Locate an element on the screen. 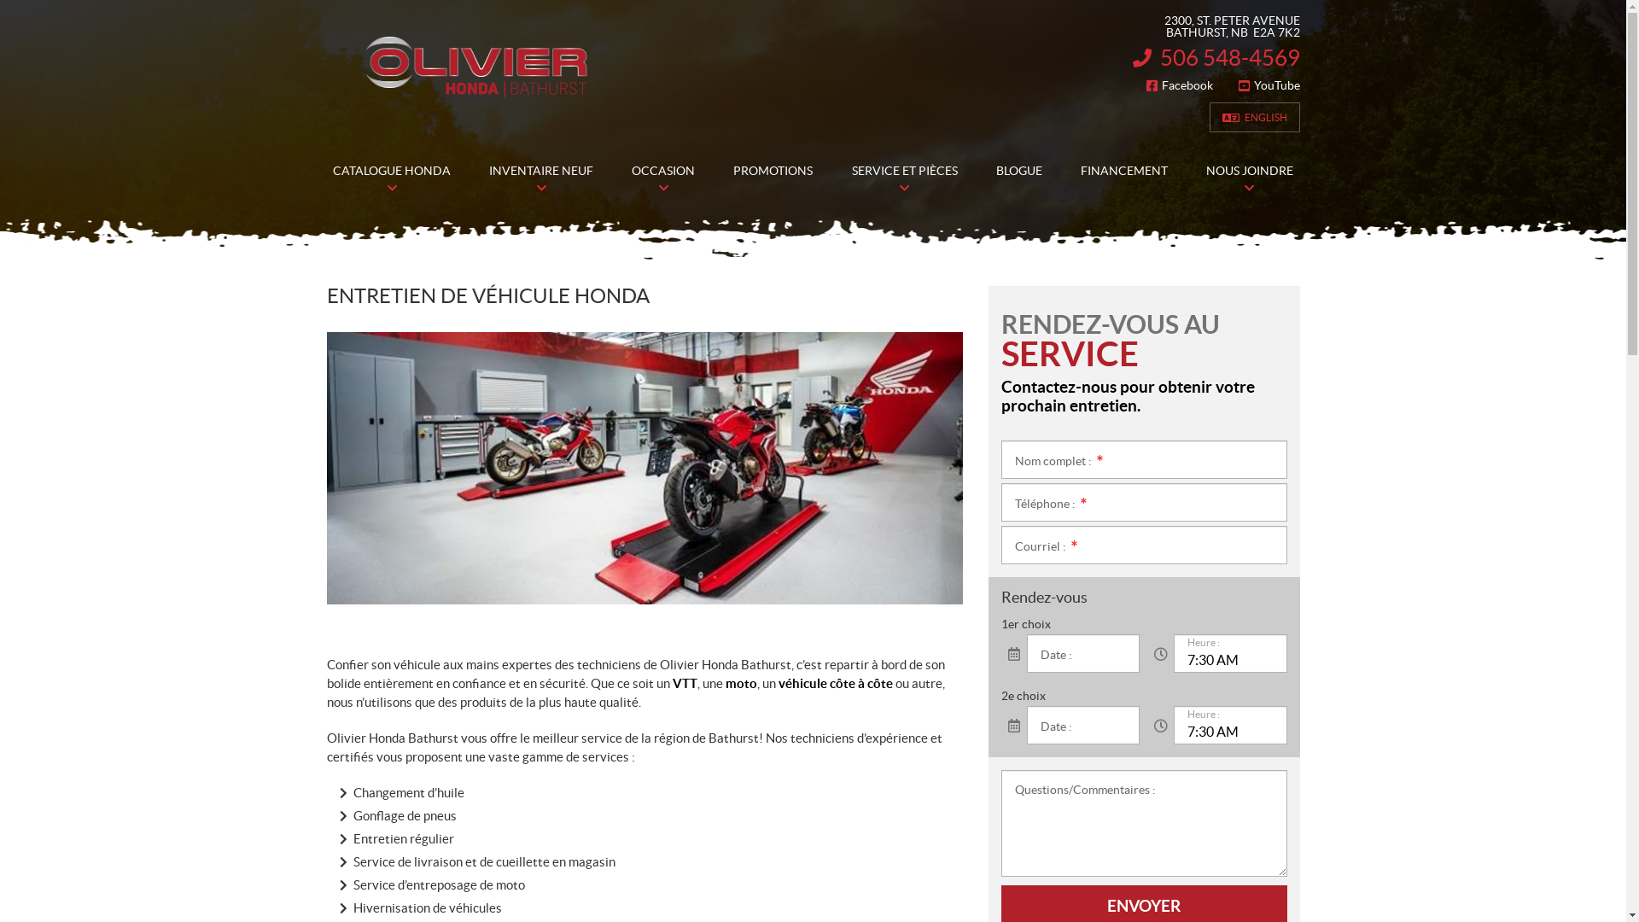  'Olivier Honda Bathurst' is located at coordinates (475, 65).